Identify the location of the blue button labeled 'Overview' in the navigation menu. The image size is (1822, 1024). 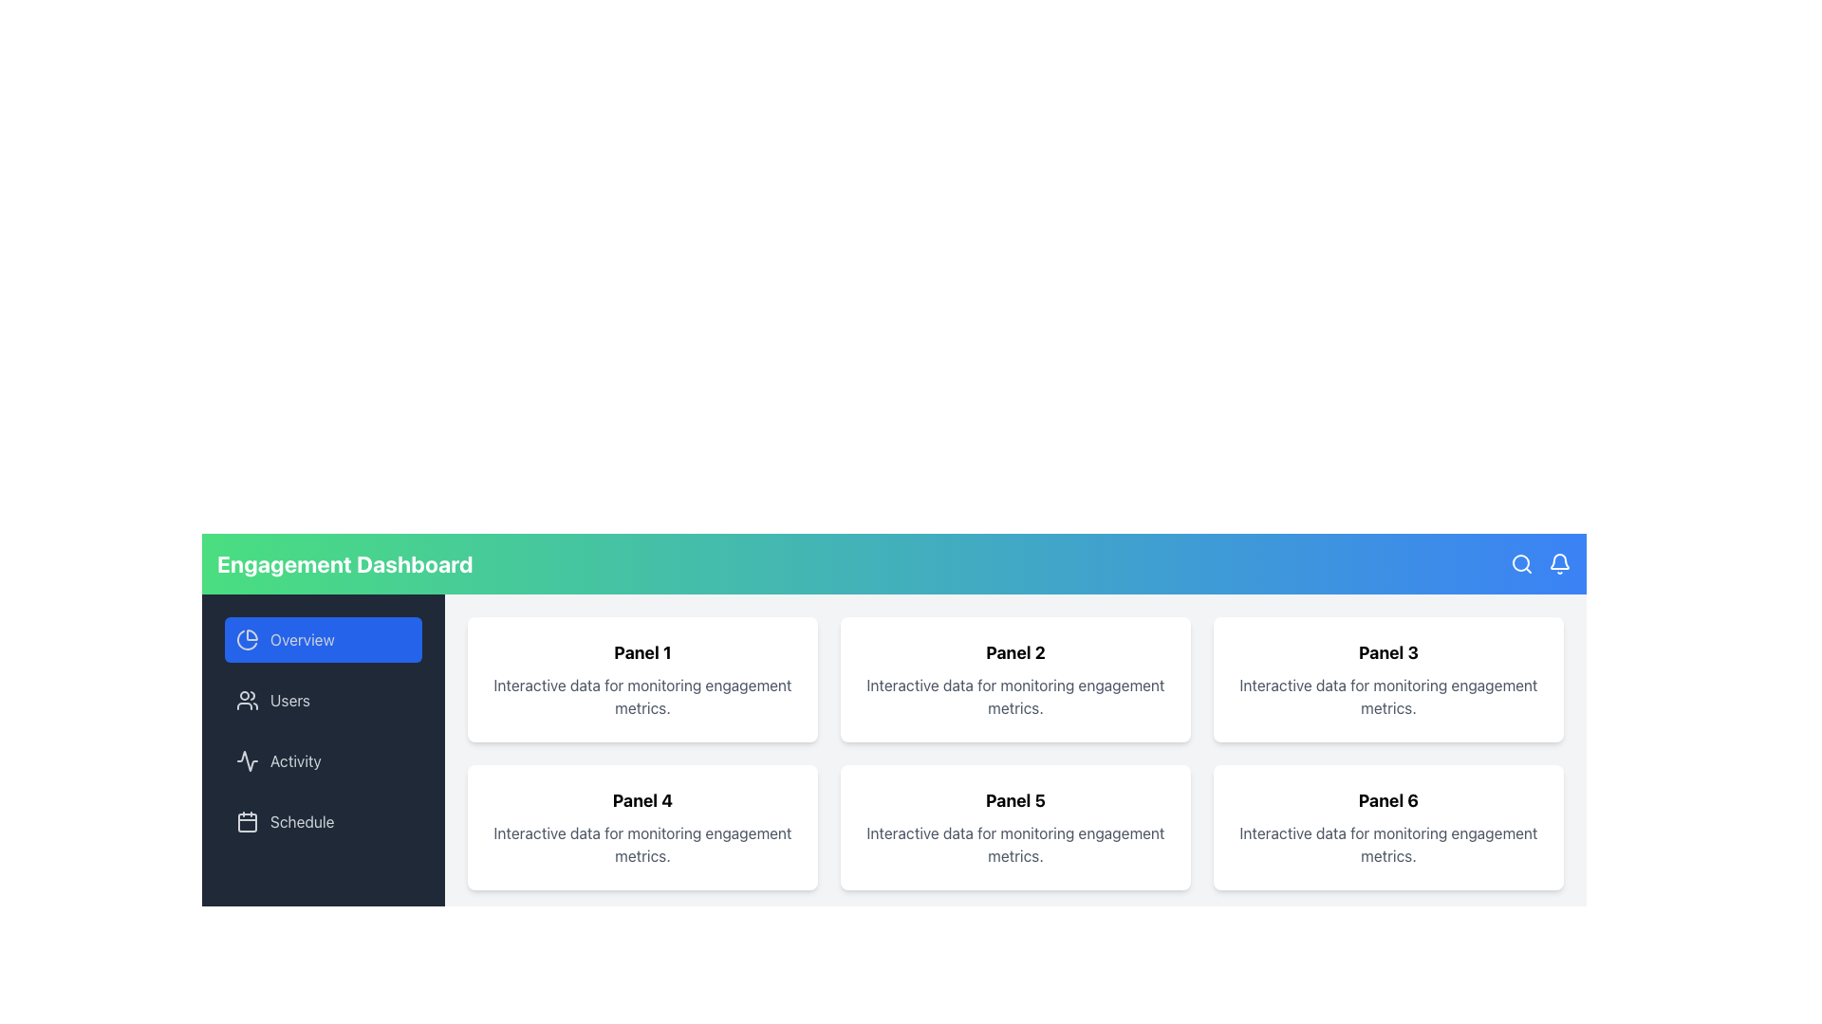
(323, 640).